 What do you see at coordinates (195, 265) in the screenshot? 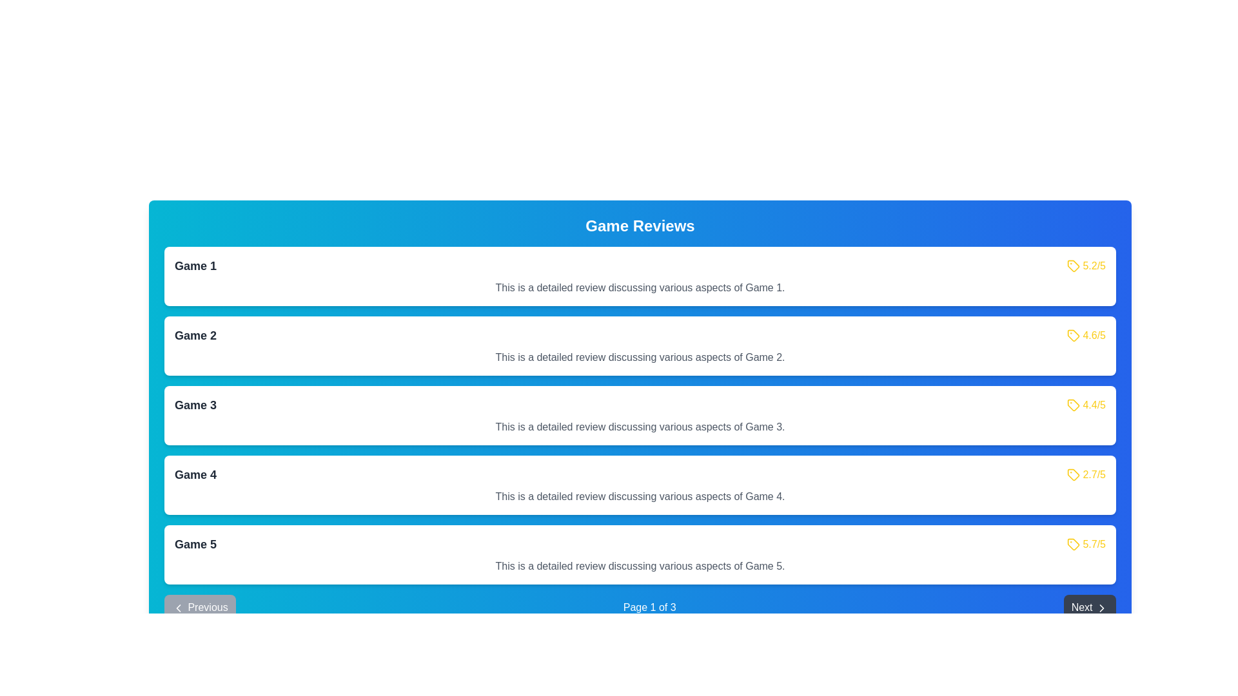
I see `the static text label that uniquely identifies the corresponding review or content item, located at the left side within the first row of a list-like structure` at bounding box center [195, 265].